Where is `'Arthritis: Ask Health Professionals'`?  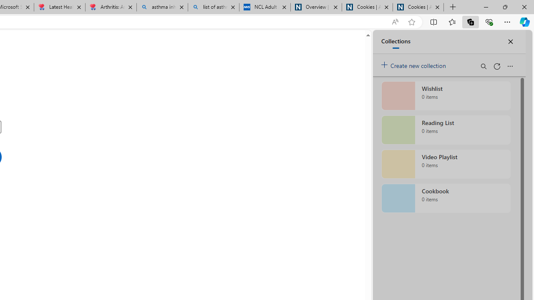 'Arthritis: Ask Health Professionals' is located at coordinates (110, 7).